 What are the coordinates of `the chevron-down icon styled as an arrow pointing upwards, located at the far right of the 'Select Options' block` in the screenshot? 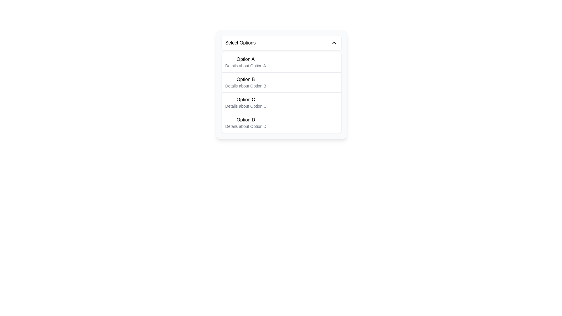 It's located at (334, 42).